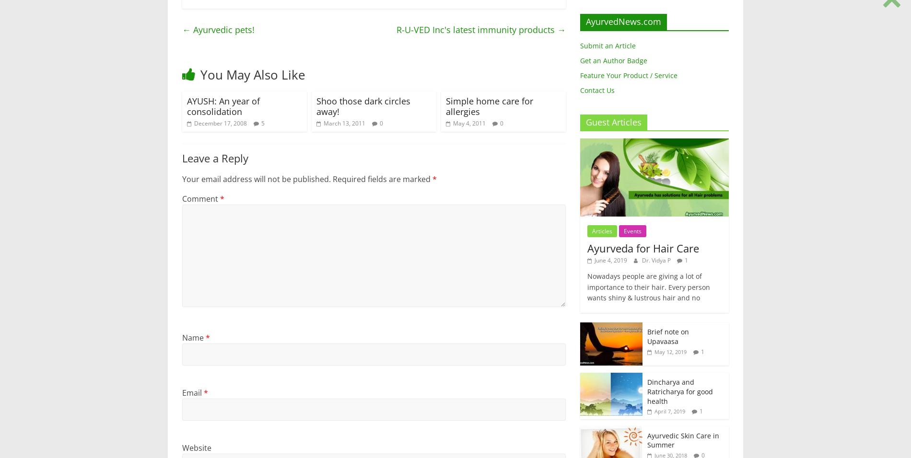 This screenshot has height=458, width=911. I want to click on 'Name', so click(193, 337).